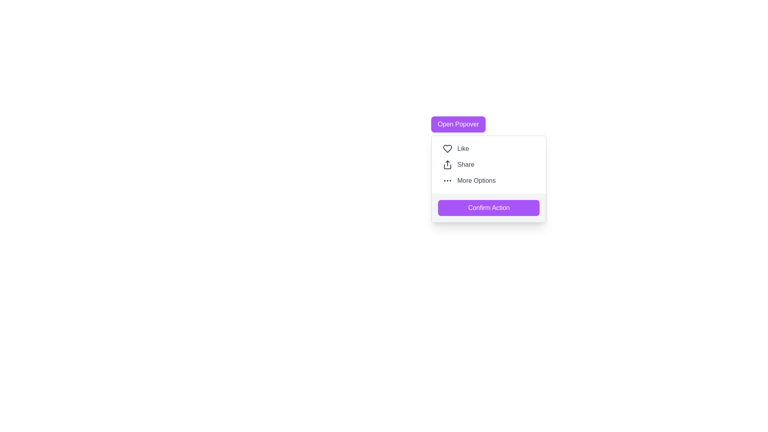 The image size is (768, 432). Describe the element at coordinates (447, 180) in the screenshot. I see `the 'More Options' icon located in the middle right section of the options menu dropdown` at that location.